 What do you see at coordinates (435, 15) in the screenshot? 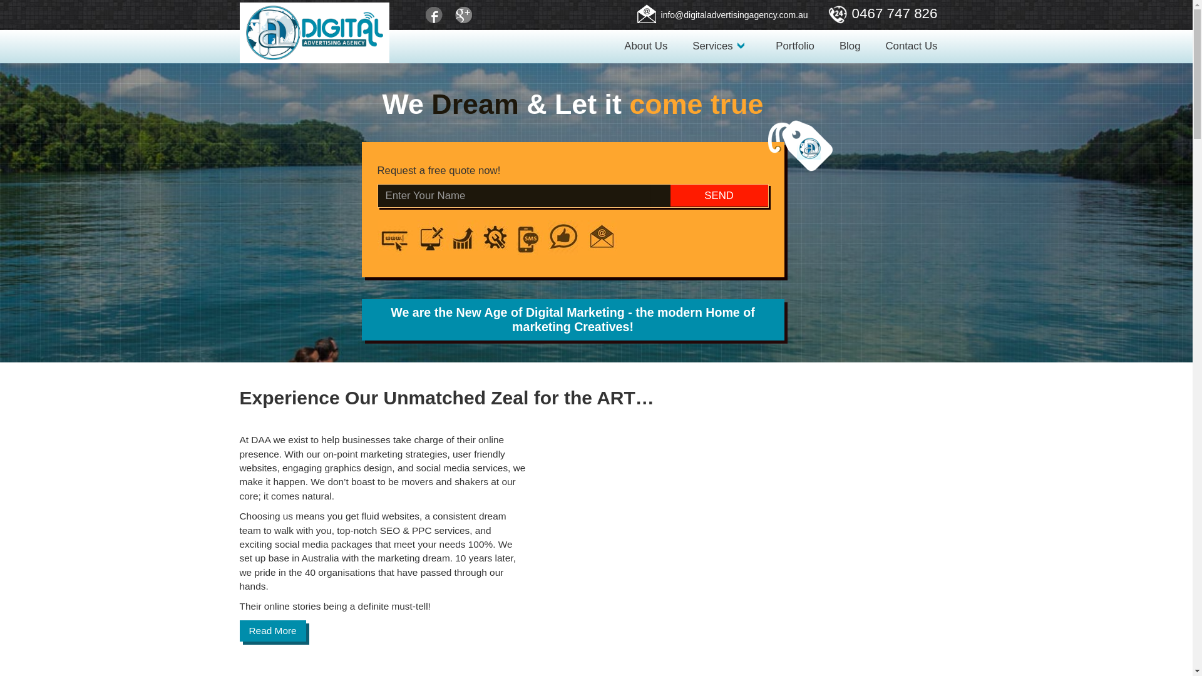
I see `'Facebook'` at bounding box center [435, 15].